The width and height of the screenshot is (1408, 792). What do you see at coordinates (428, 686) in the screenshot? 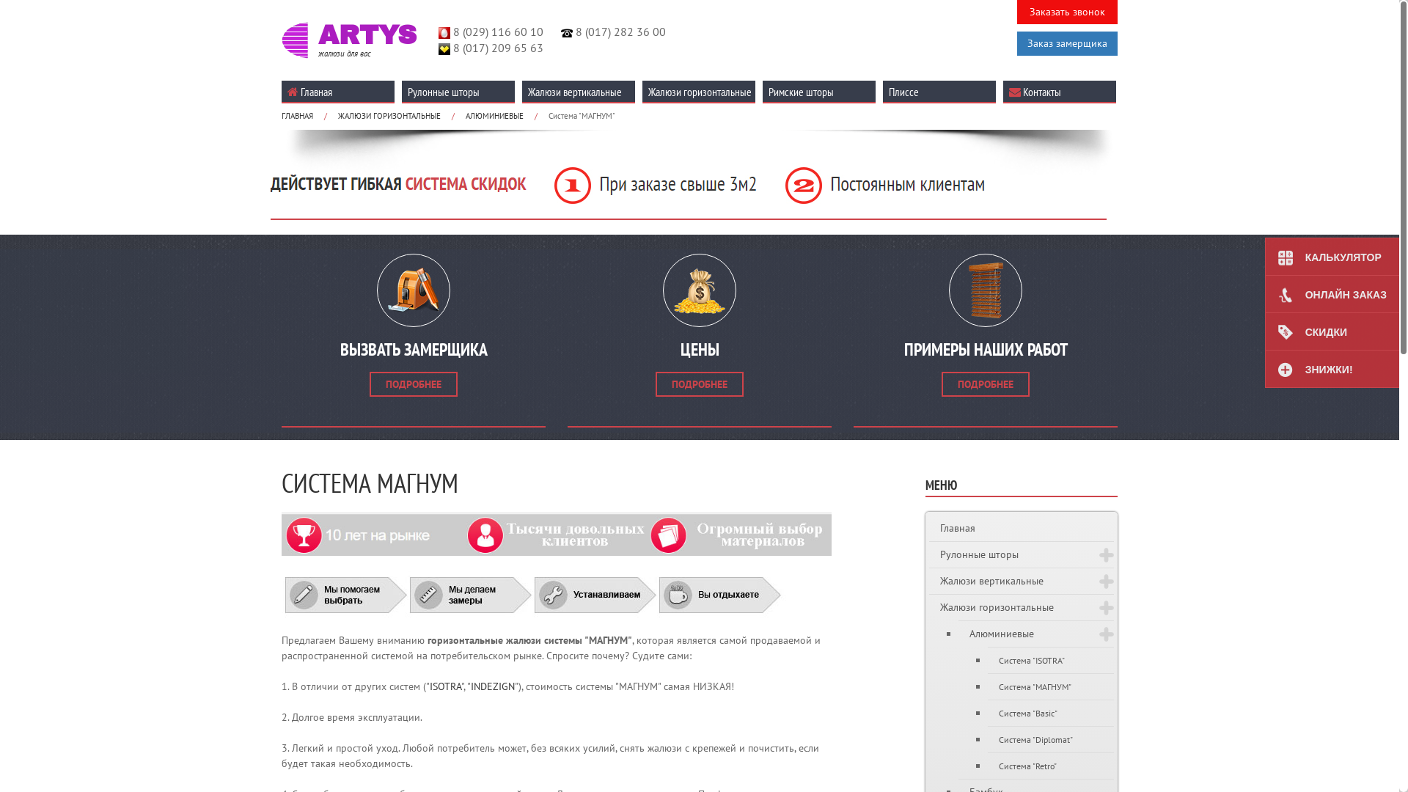
I see `'ISOTRA'` at bounding box center [428, 686].